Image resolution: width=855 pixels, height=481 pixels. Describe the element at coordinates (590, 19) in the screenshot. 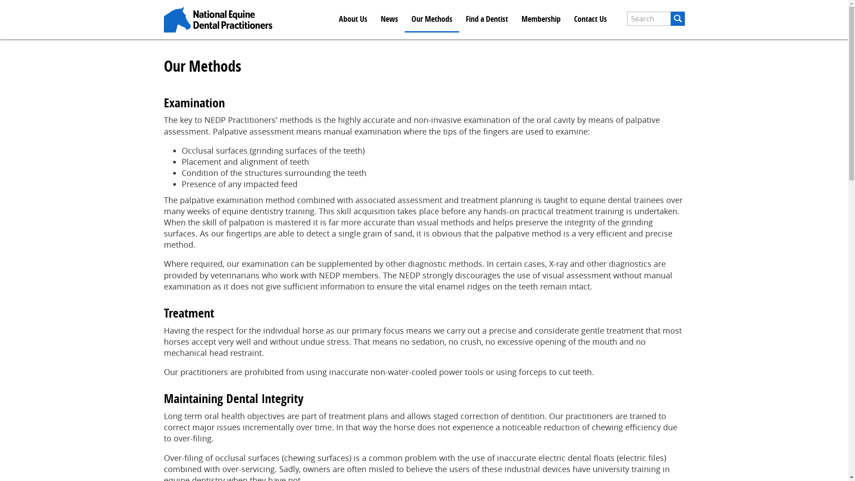

I see `'Contact Us'` at that location.